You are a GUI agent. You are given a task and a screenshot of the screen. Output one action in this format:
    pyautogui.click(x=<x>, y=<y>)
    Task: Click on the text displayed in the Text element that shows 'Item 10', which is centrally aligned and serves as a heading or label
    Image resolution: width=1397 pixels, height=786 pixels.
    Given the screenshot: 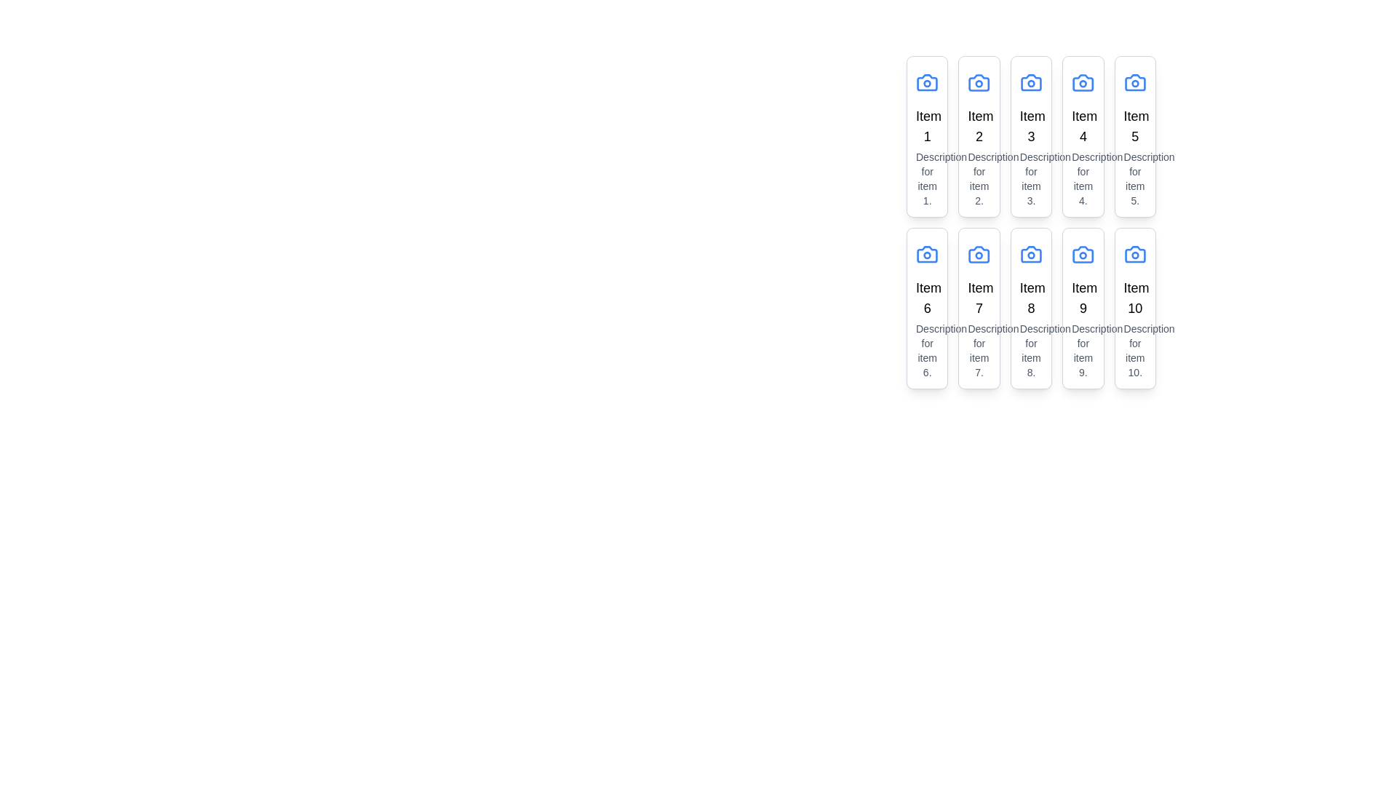 What is the action you would take?
    pyautogui.click(x=1134, y=297)
    